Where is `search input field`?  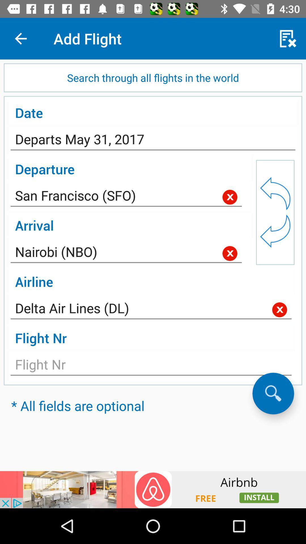 search input field is located at coordinates (273, 393).